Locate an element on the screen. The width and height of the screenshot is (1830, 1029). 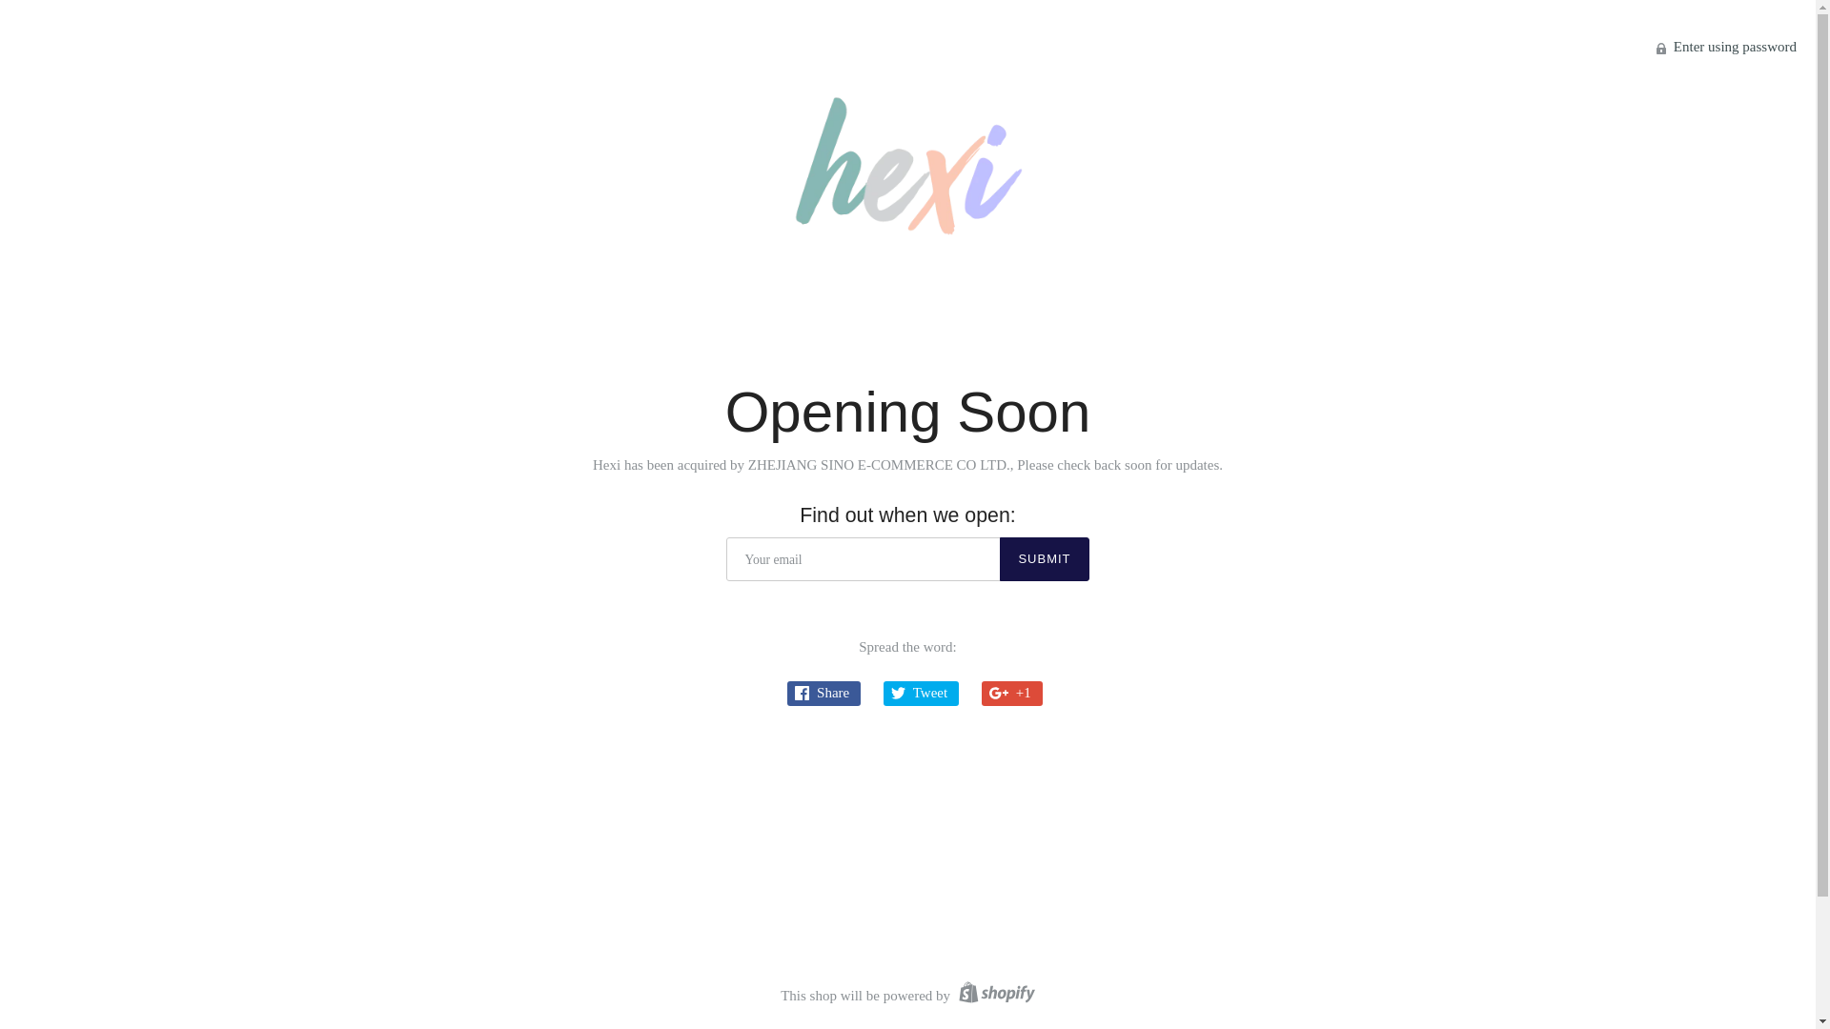
'Facebook Share' is located at coordinates (823, 694).